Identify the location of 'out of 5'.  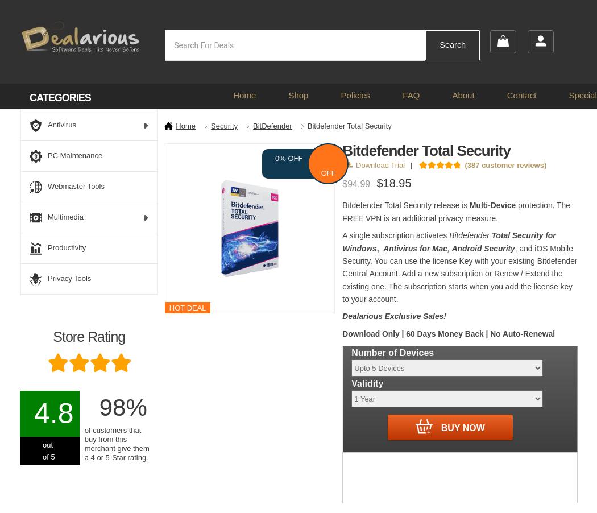
(48, 450).